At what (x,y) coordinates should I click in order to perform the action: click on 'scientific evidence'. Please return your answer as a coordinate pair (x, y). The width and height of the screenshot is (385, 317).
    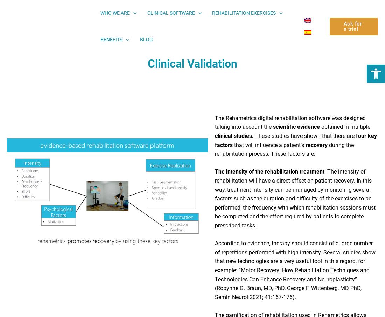
    Looking at the image, I should click on (296, 129).